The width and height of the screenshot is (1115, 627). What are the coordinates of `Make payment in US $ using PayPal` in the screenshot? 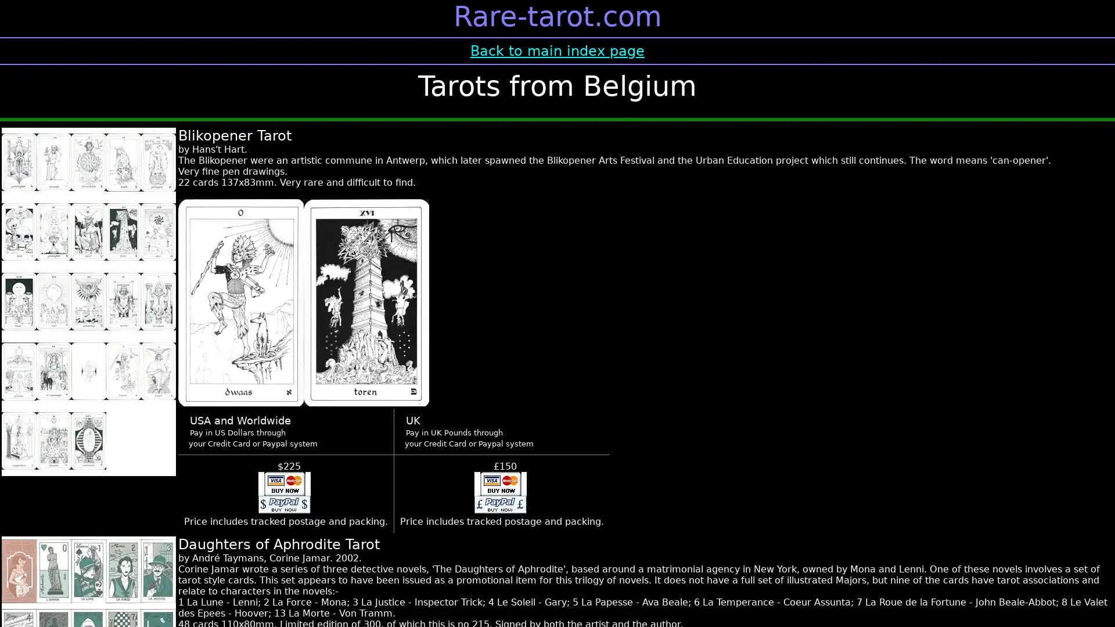 It's located at (284, 492).